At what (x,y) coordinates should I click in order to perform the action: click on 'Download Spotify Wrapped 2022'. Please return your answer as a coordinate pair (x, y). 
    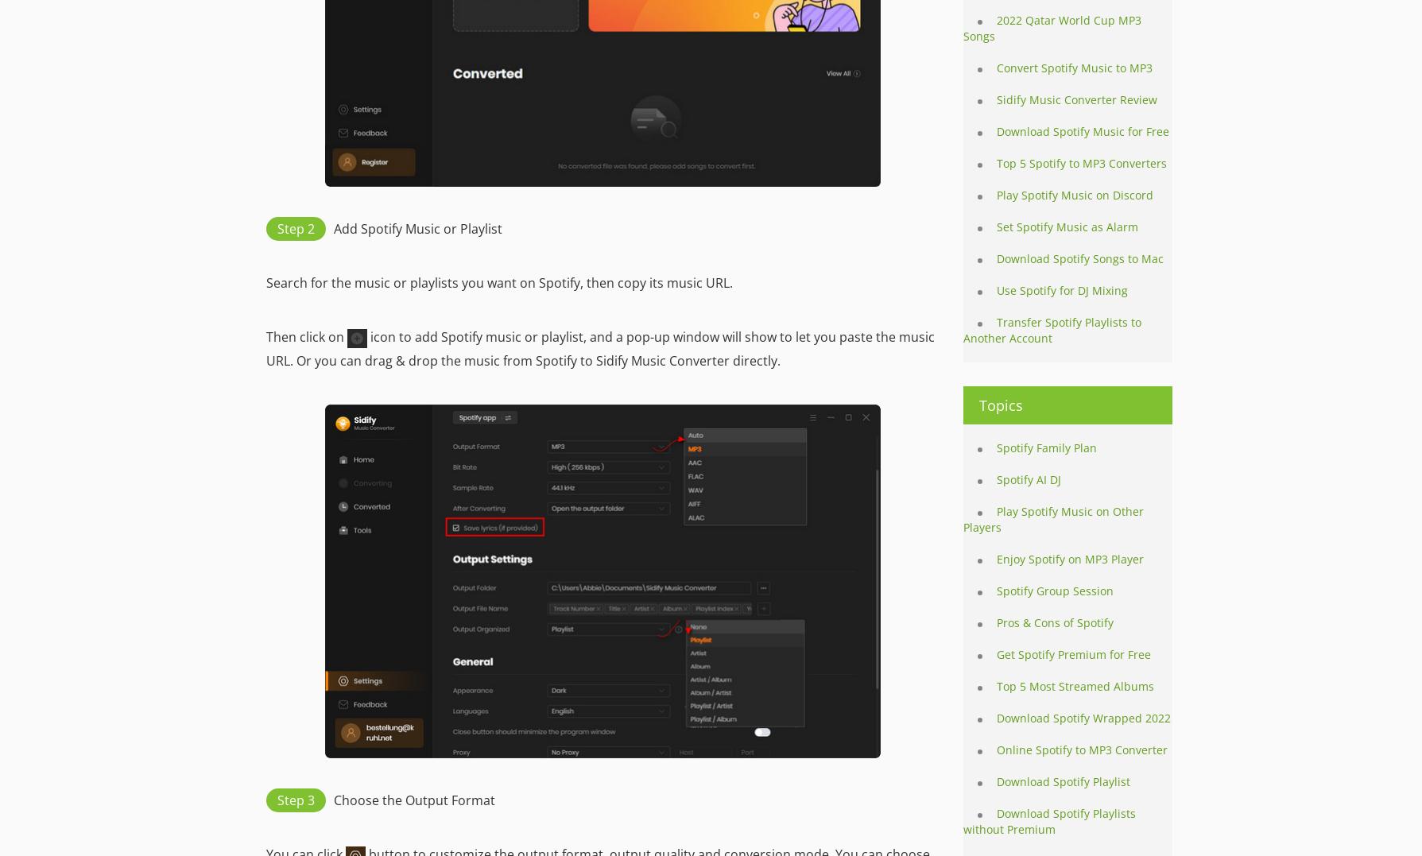
    Looking at the image, I should click on (997, 718).